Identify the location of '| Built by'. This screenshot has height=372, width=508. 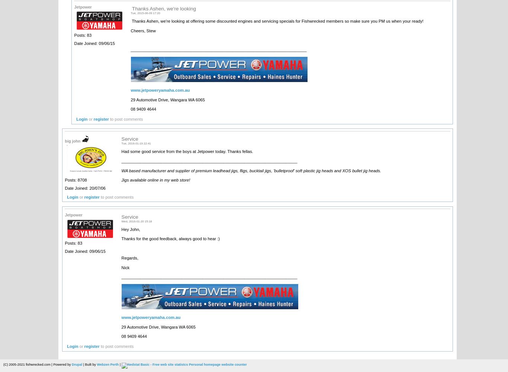
(89, 363).